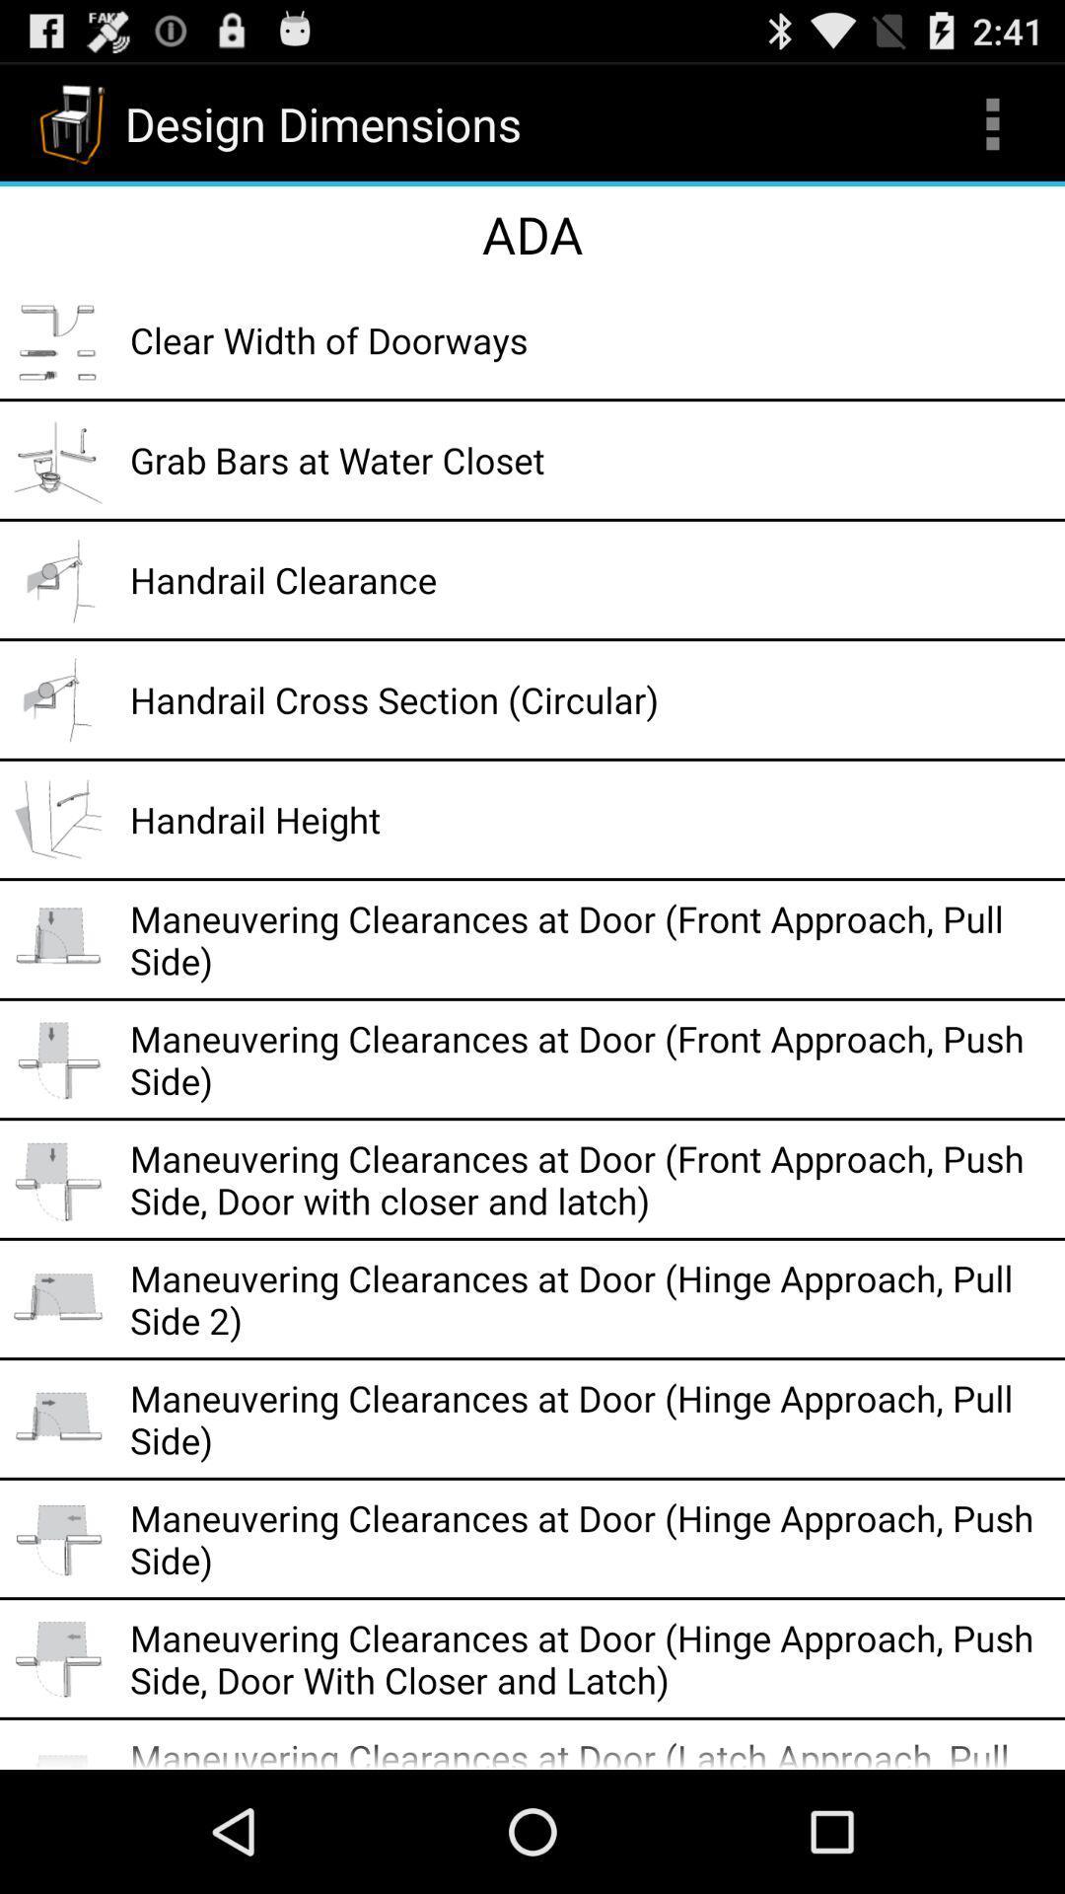 This screenshot has height=1894, width=1065. What do you see at coordinates (992, 122) in the screenshot?
I see `icon next to design dimensions` at bounding box center [992, 122].